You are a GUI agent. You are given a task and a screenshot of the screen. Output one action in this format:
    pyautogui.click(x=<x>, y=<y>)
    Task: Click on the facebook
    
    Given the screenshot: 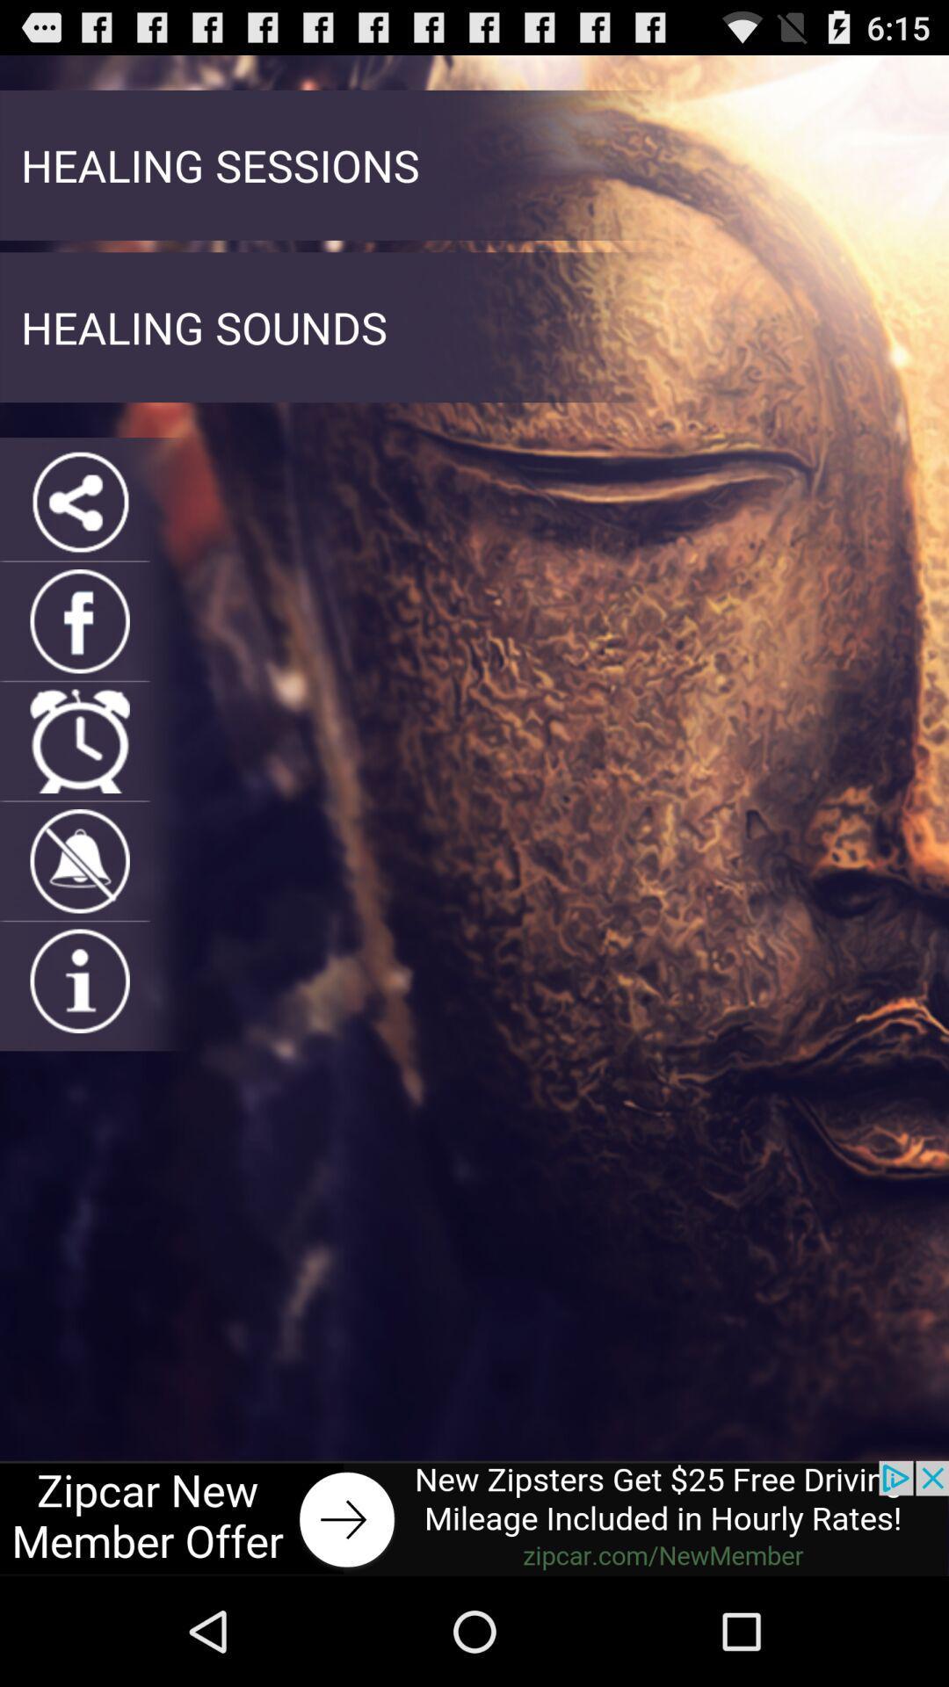 What is the action you would take?
    pyautogui.click(x=80, y=621)
    